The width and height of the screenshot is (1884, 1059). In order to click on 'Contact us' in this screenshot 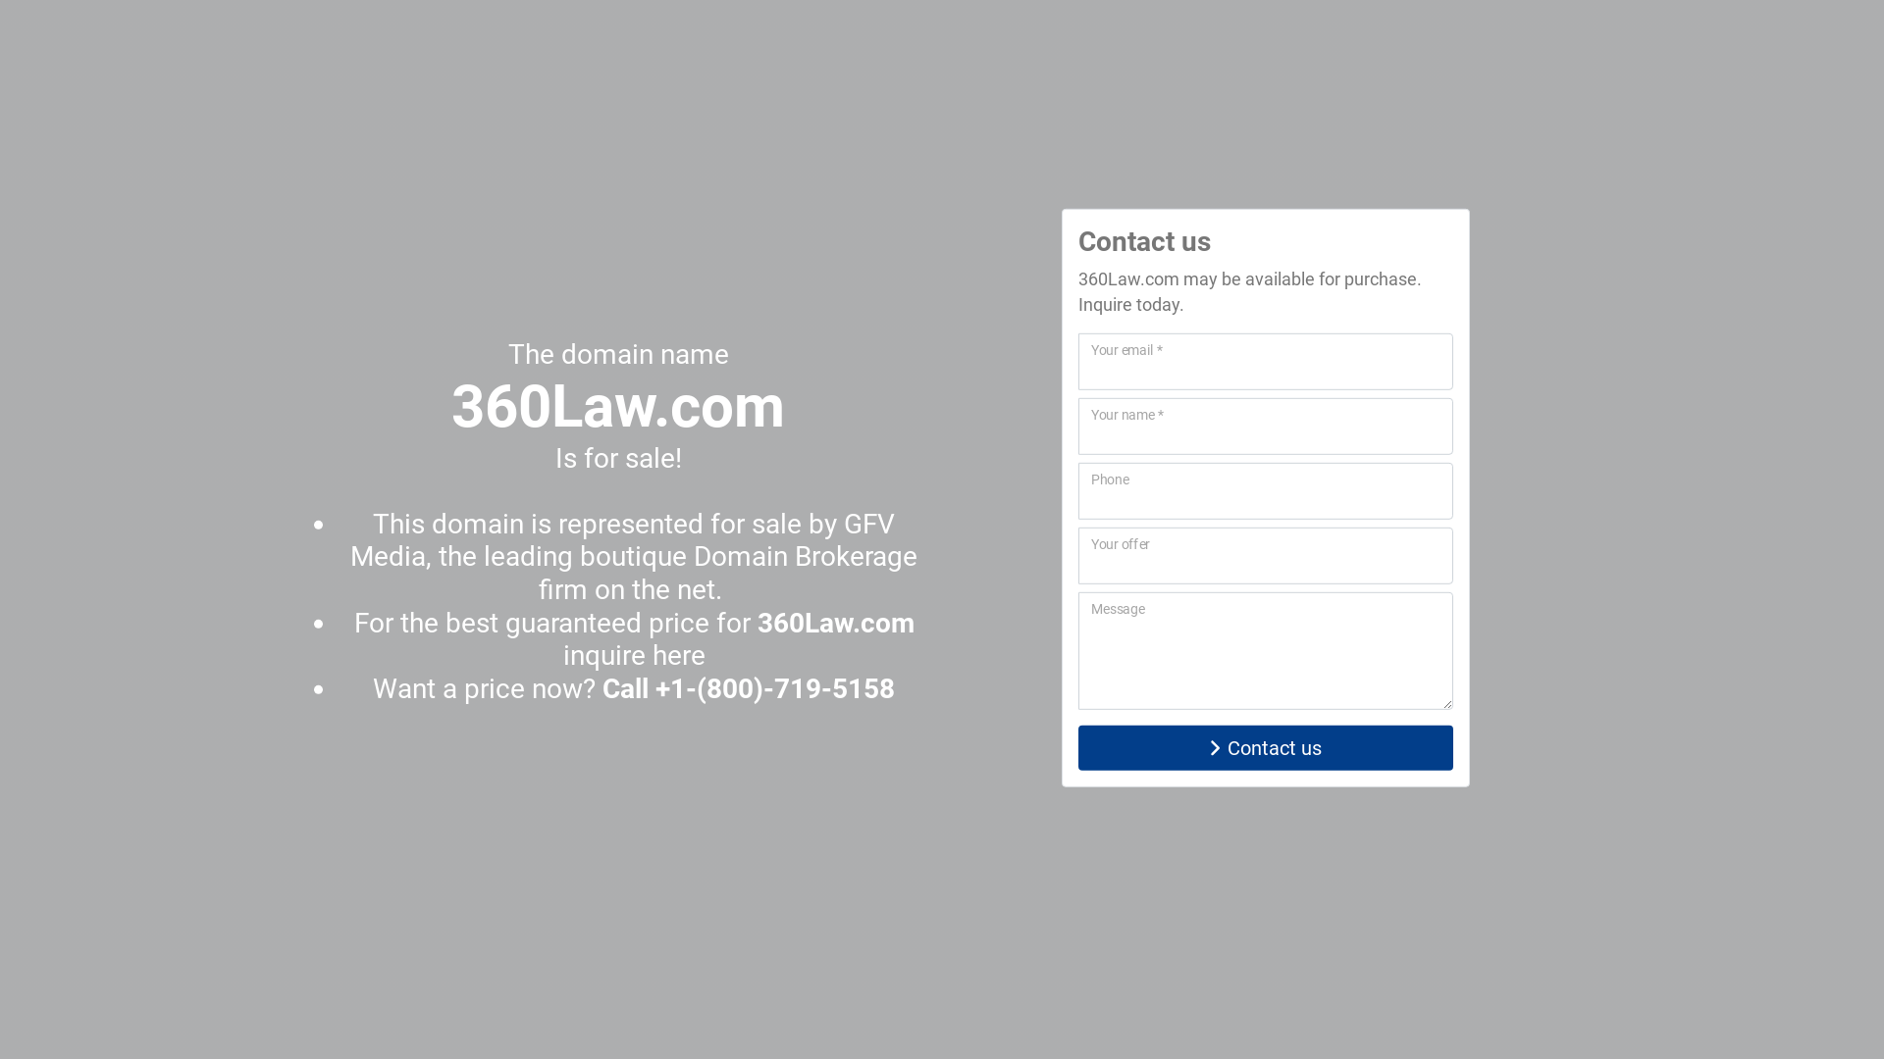, I will do `click(1266, 748)`.